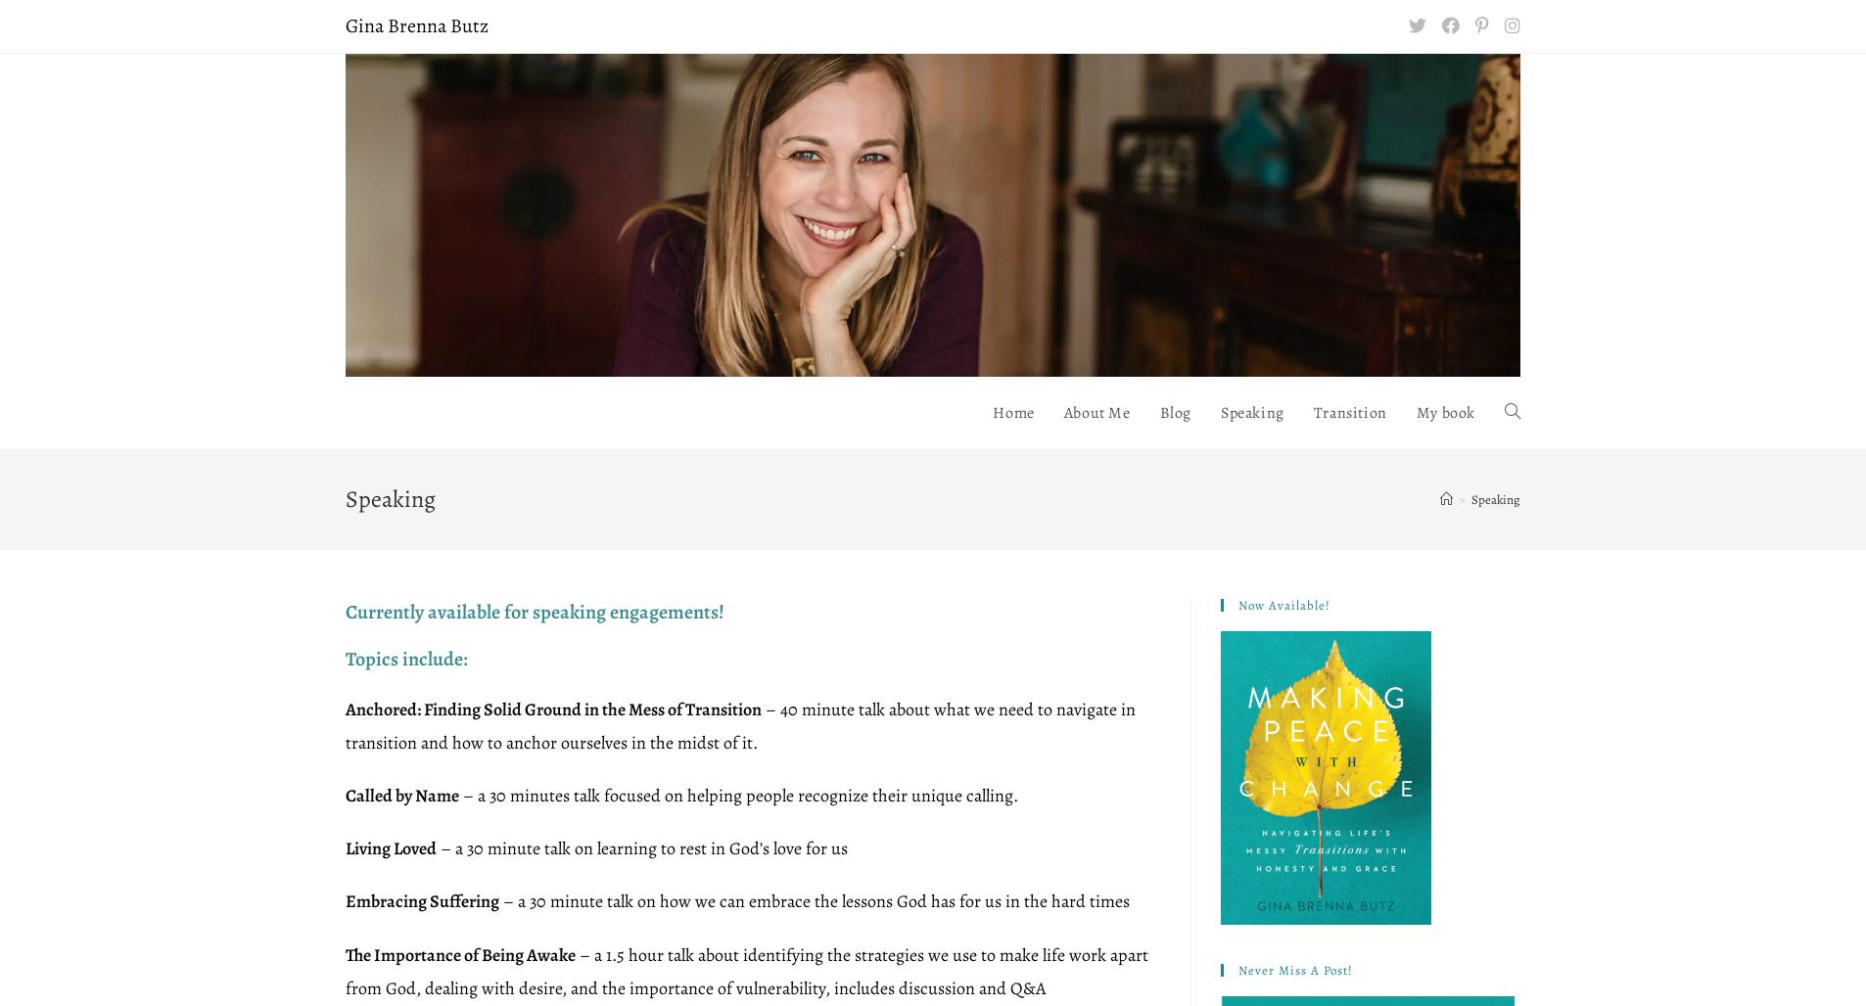 The width and height of the screenshot is (1866, 1006). Describe the element at coordinates (738, 795) in the screenshot. I see `'– a 30 minutes talk focused on helping people recognize their unique calling.'` at that location.